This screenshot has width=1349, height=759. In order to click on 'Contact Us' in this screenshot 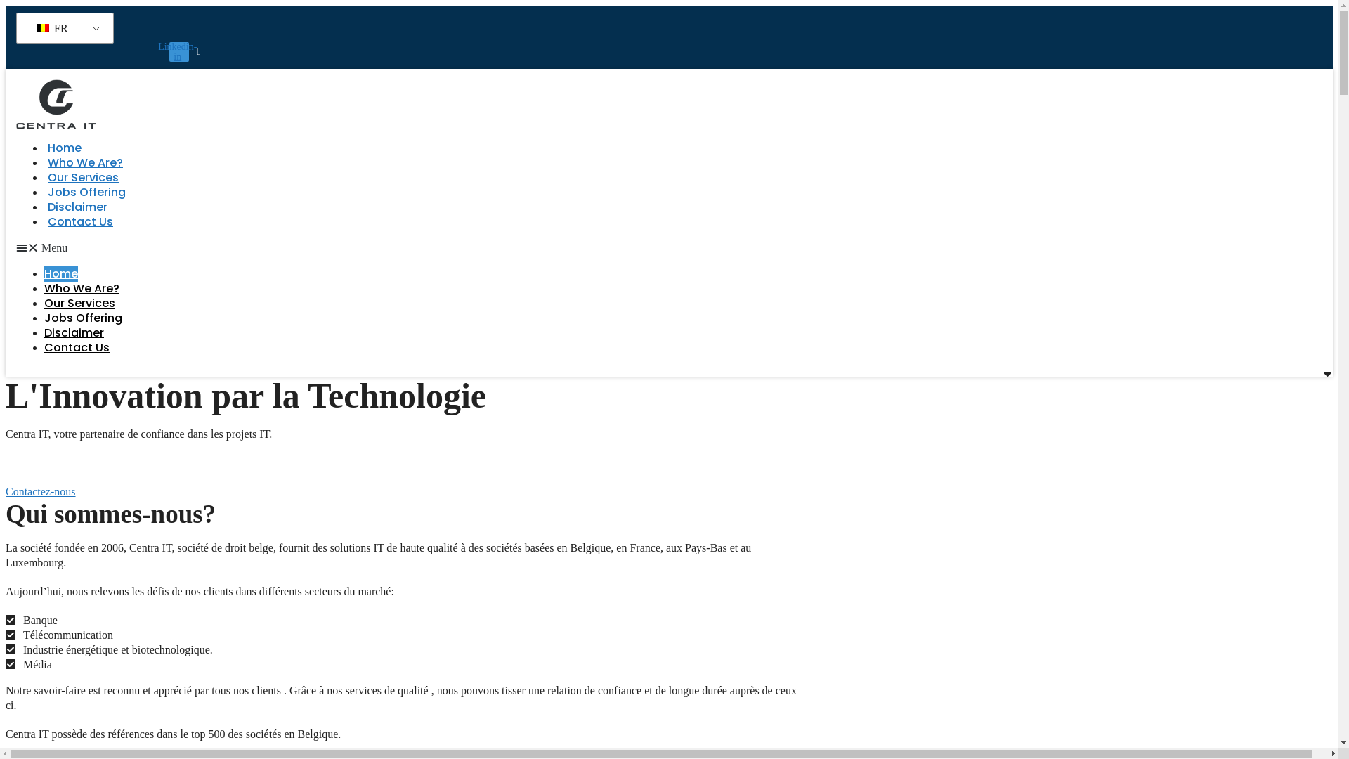, I will do `click(44, 347)`.